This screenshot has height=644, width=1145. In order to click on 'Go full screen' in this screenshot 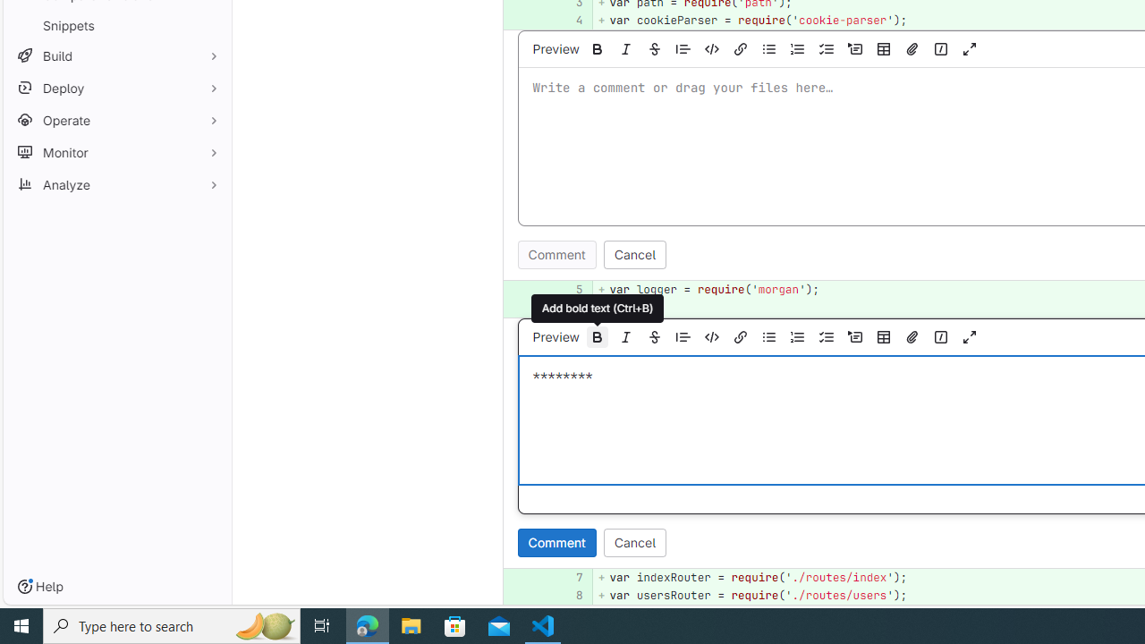, I will do `click(969, 336)`.